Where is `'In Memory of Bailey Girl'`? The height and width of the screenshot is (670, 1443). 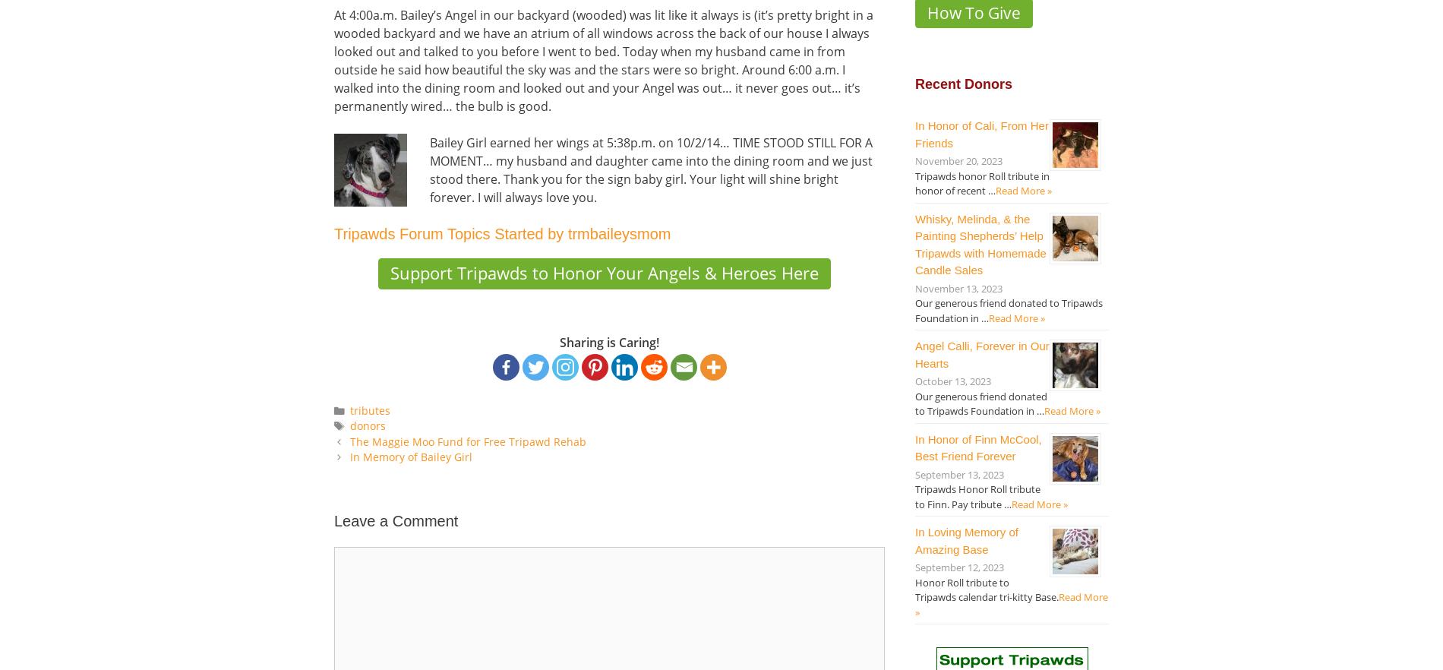
'In Memory of Bailey Girl' is located at coordinates (349, 456).